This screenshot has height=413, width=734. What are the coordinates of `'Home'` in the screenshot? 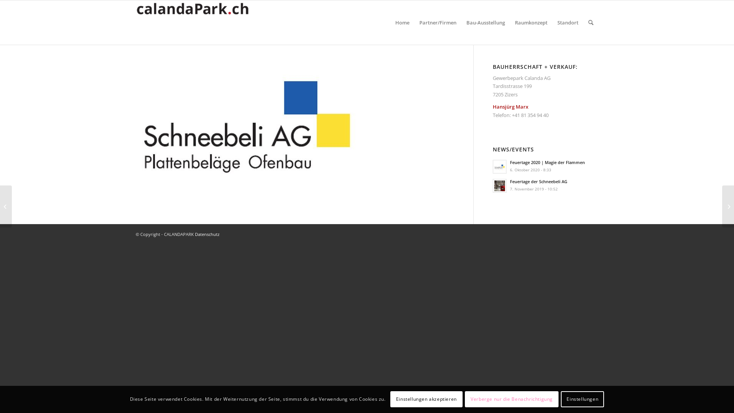 It's located at (402, 22).